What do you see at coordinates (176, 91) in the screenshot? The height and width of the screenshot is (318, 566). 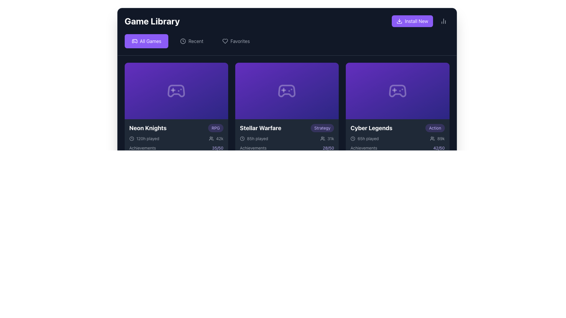 I see `the rectangular graphical component with a gradient background and a white game controller icon, located at the top section of the first card in a horizontal list of three cards` at bounding box center [176, 91].